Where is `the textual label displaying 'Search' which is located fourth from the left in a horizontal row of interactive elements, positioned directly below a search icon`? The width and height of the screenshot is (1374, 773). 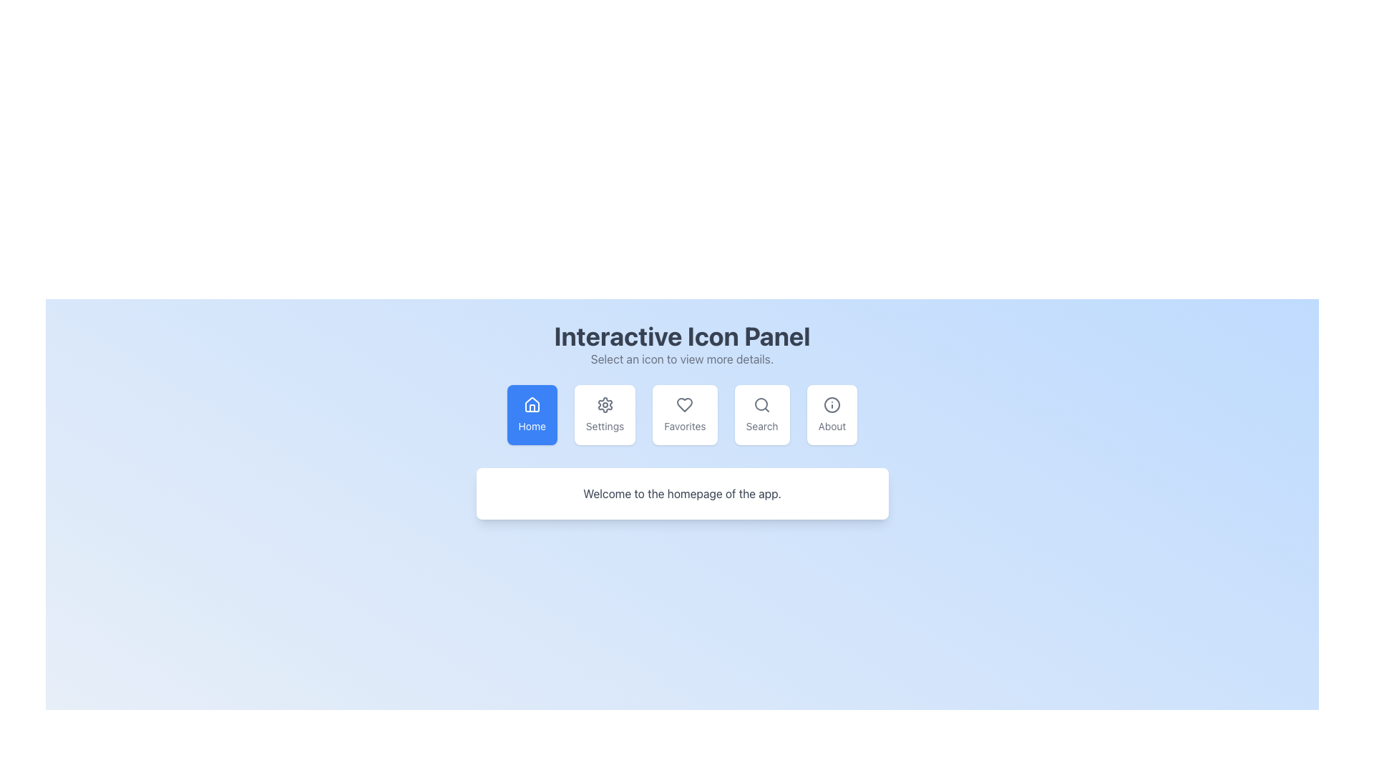 the textual label displaying 'Search' which is located fourth from the left in a horizontal row of interactive elements, positioned directly below a search icon is located at coordinates (761, 426).